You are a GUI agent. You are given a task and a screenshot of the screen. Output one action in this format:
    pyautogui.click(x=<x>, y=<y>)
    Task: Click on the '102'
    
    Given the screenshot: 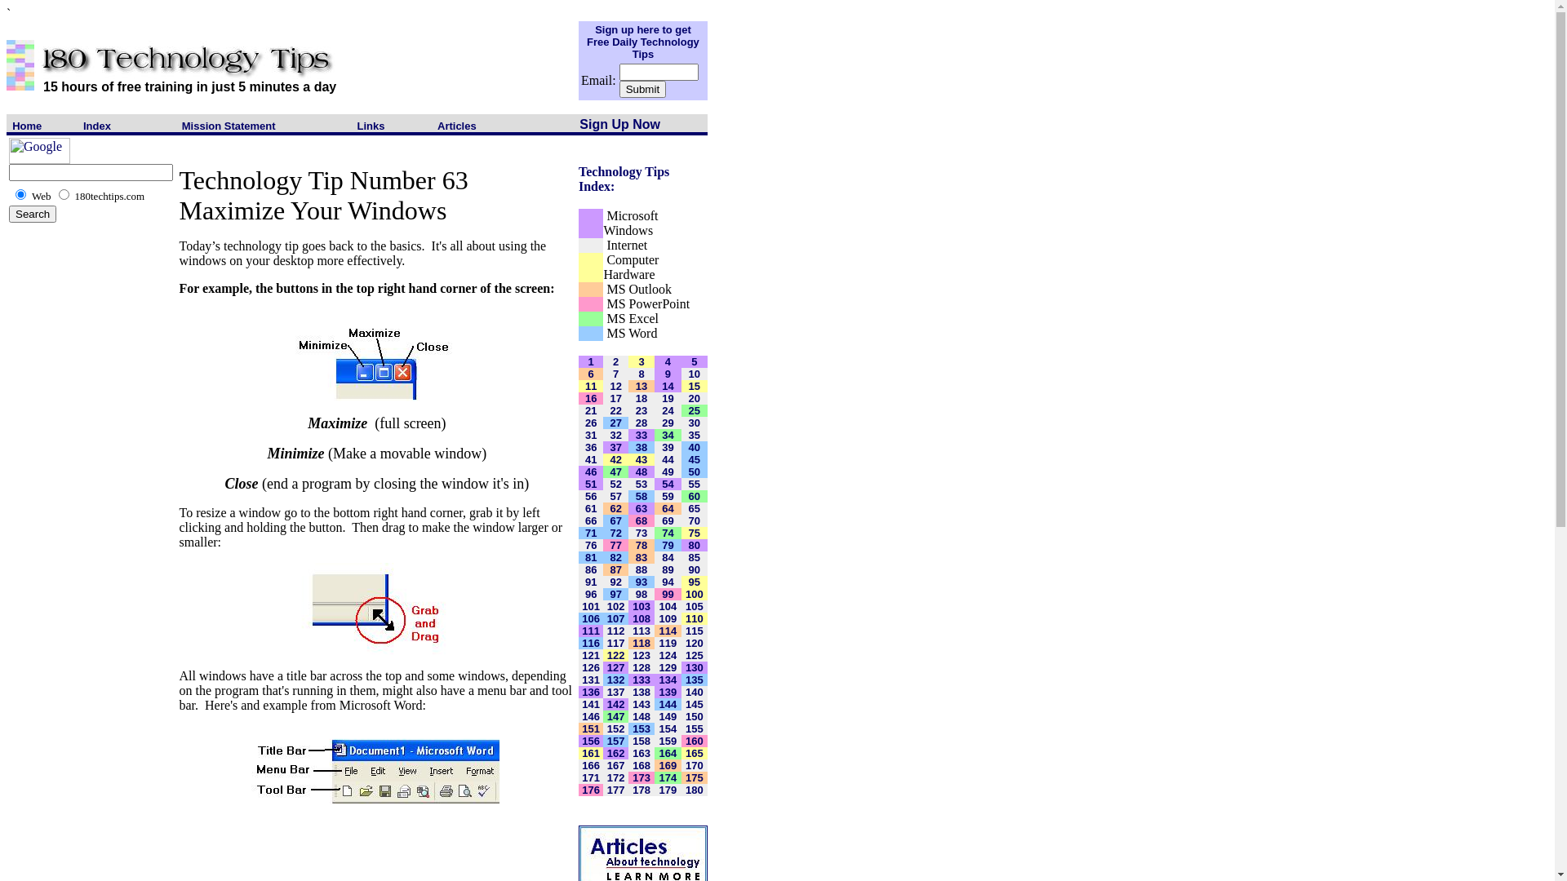 What is the action you would take?
    pyautogui.click(x=615, y=605)
    